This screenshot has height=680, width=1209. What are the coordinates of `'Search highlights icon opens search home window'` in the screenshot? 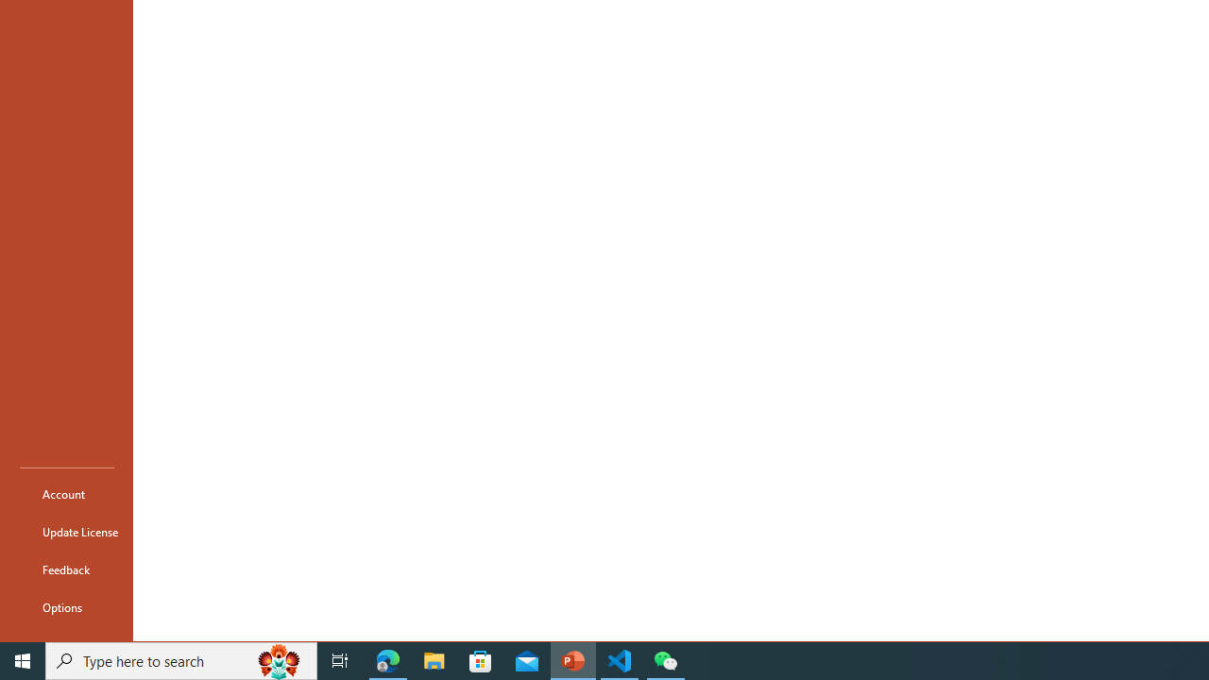 It's located at (278, 659).